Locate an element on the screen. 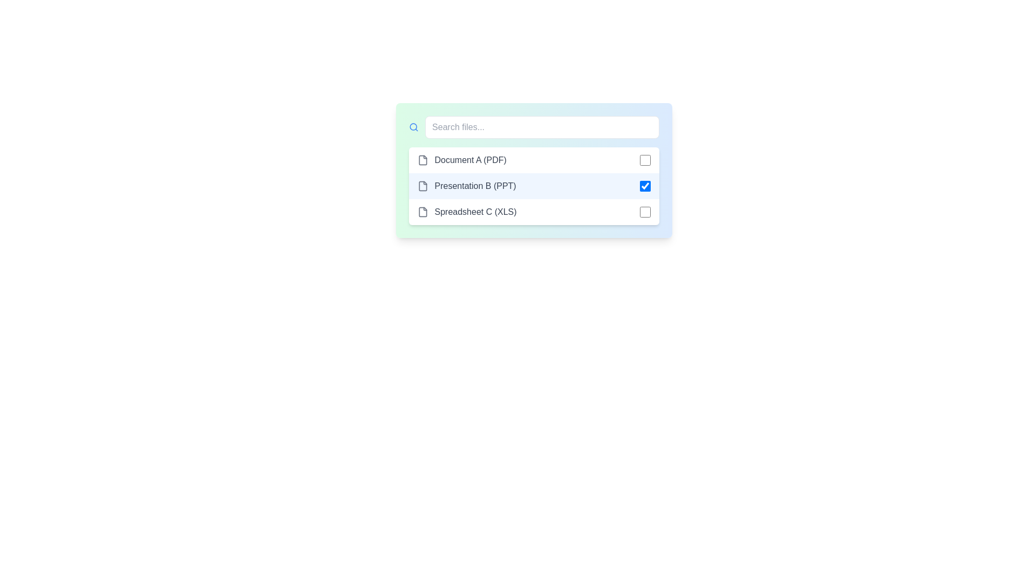  the search input field to focus it is located at coordinates (542, 126).